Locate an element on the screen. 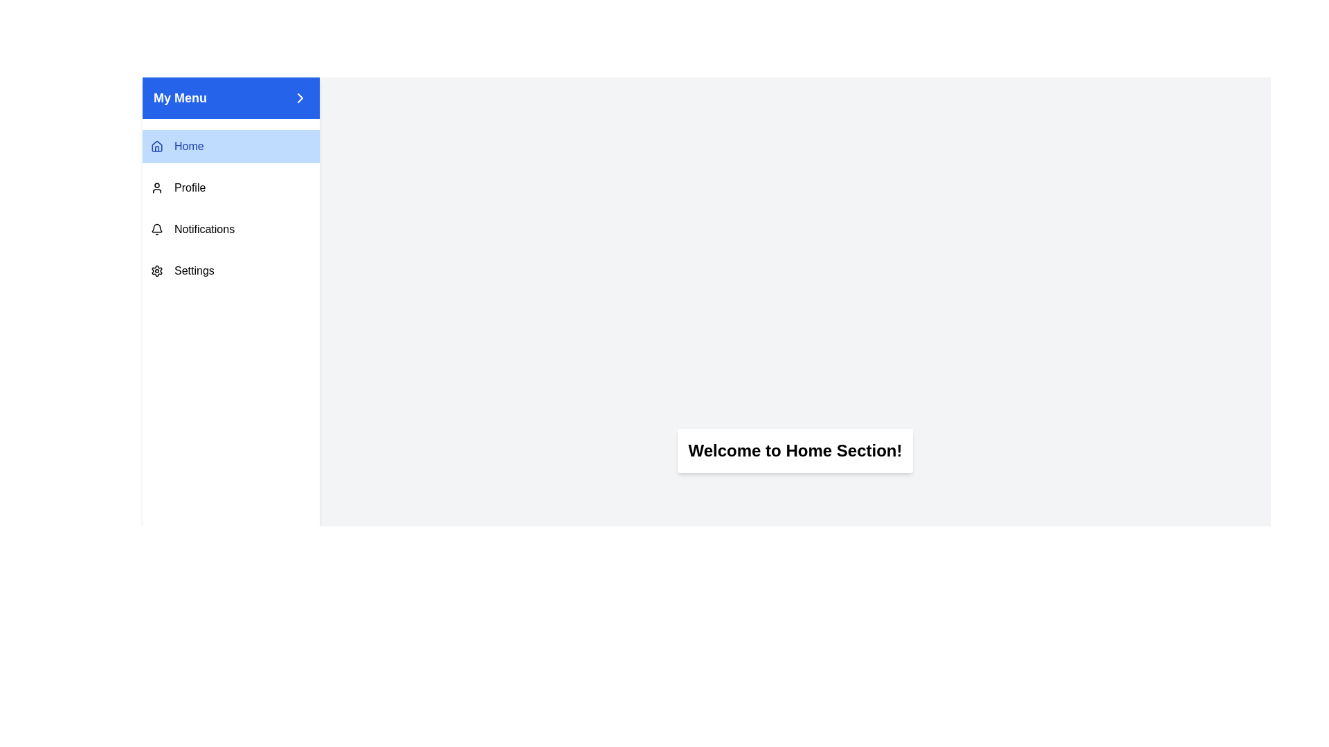 This screenshot has width=1329, height=747. the third item in the 'My Menu' vertical list, which is the 'Notifications' menu option is located at coordinates (231, 228).